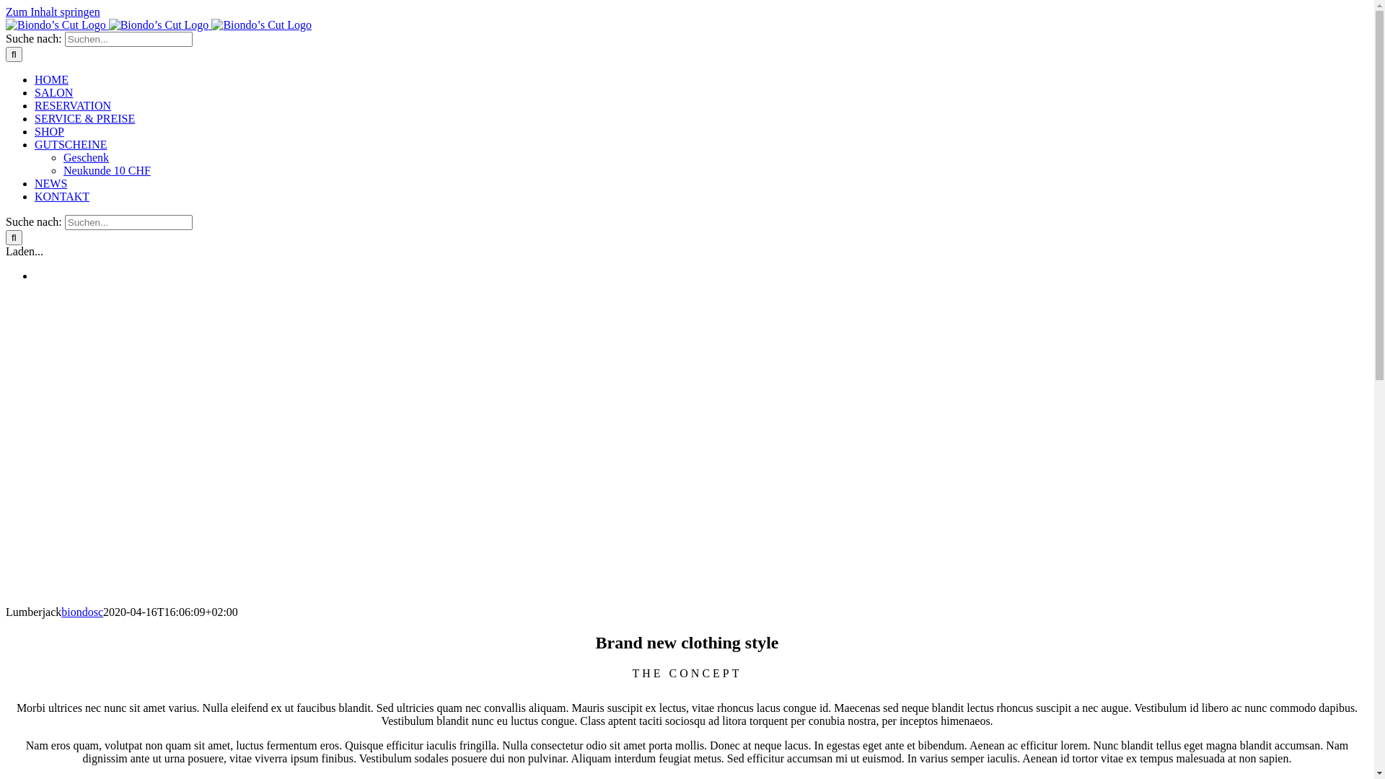 The height and width of the screenshot is (779, 1385). What do you see at coordinates (35, 105) in the screenshot?
I see `'RESERVATION'` at bounding box center [35, 105].